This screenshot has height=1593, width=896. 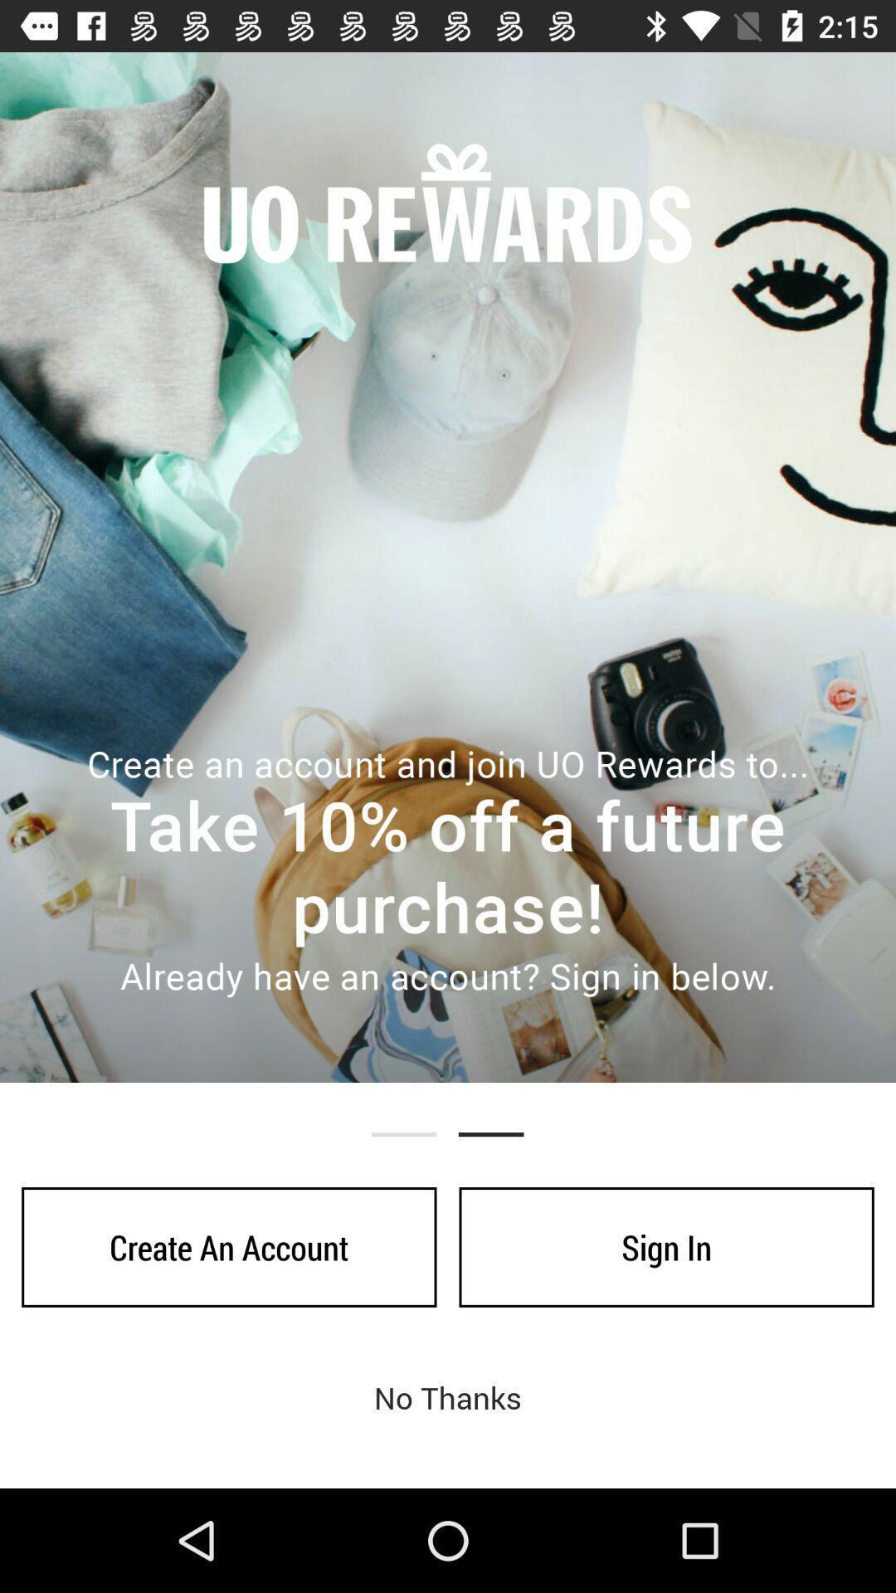 I want to click on the icon at the bottom left corner, so click(x=229, y=1247).